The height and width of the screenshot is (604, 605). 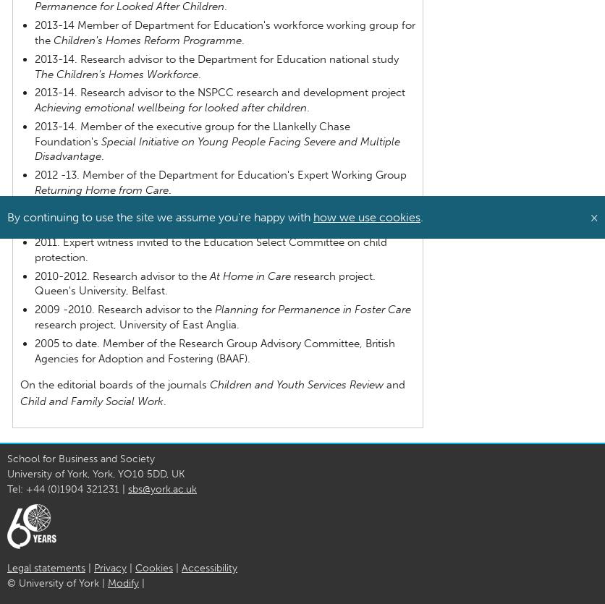 I want to click on 'Planning for Permanence in Foster Care', so click(x=214, y=309).